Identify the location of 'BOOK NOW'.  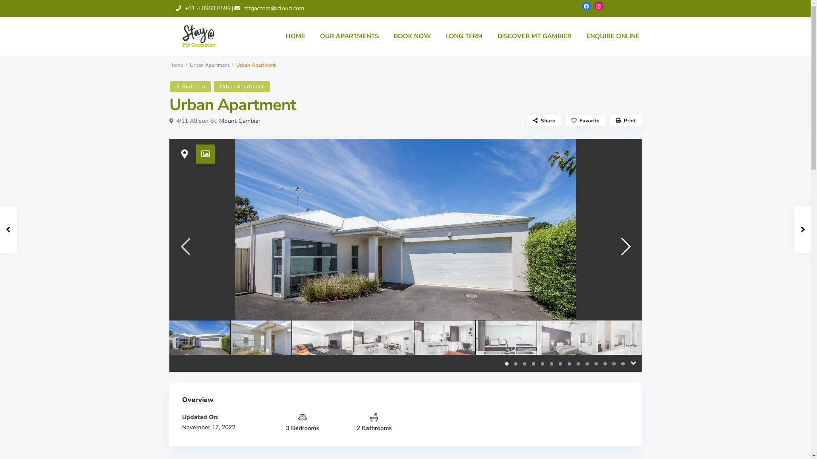
(412, 35).